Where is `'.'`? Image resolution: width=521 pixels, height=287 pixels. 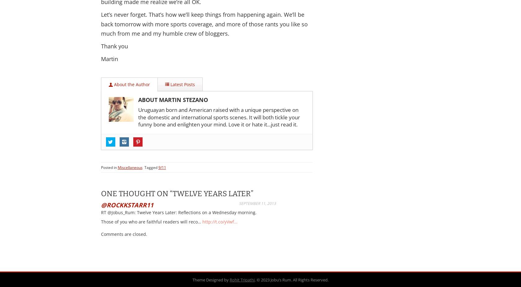 '.' is located at coordinates (255, 280).